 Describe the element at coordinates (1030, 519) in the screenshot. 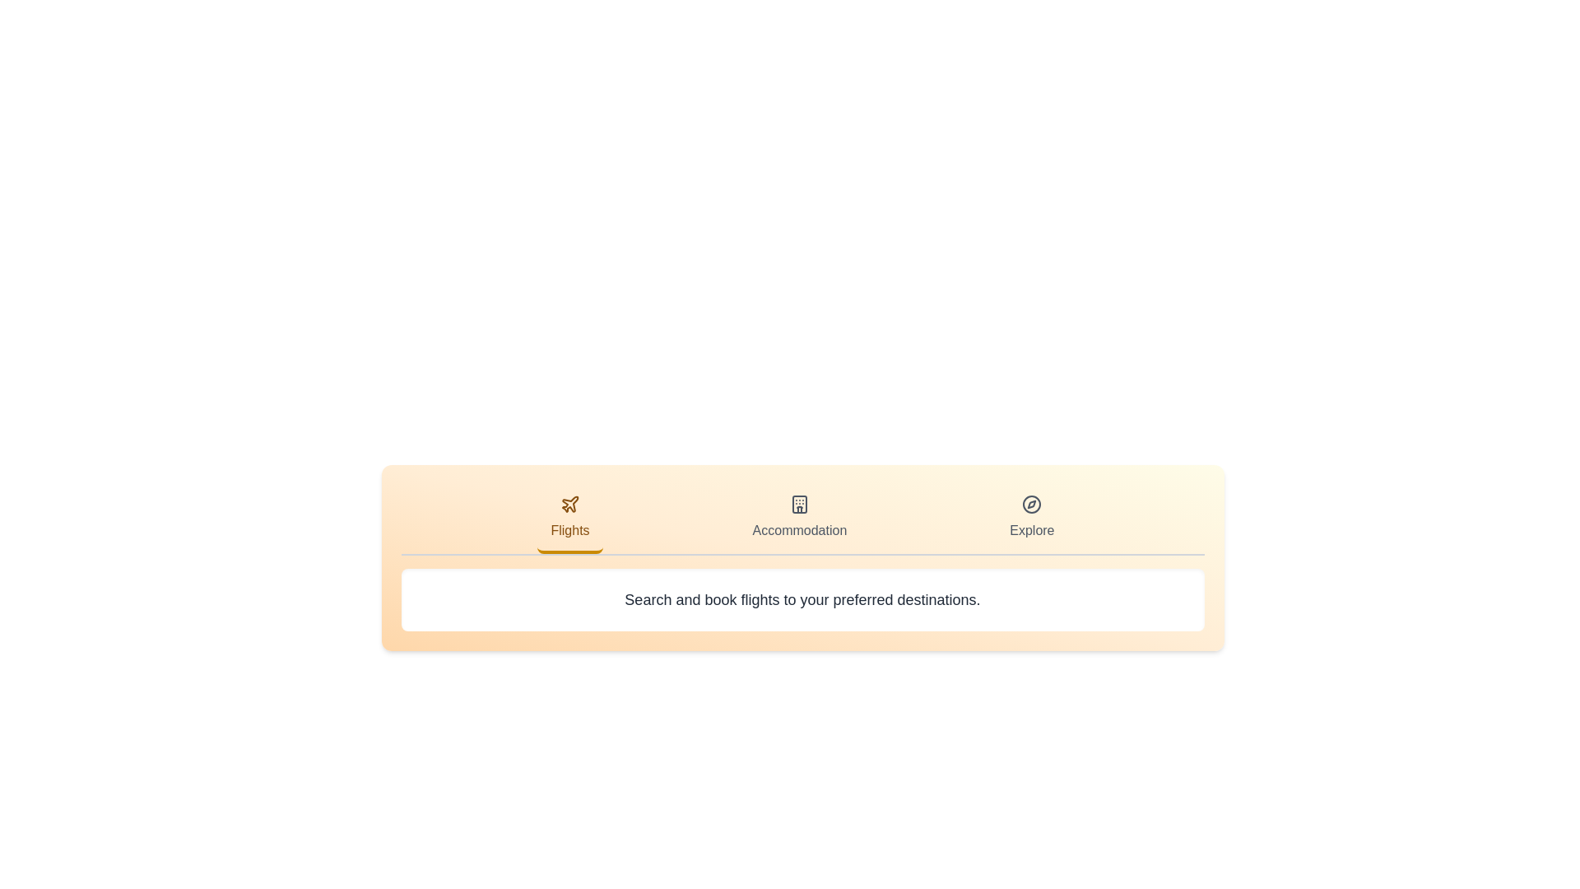

I see `the Explore tab to view its content` at that location.